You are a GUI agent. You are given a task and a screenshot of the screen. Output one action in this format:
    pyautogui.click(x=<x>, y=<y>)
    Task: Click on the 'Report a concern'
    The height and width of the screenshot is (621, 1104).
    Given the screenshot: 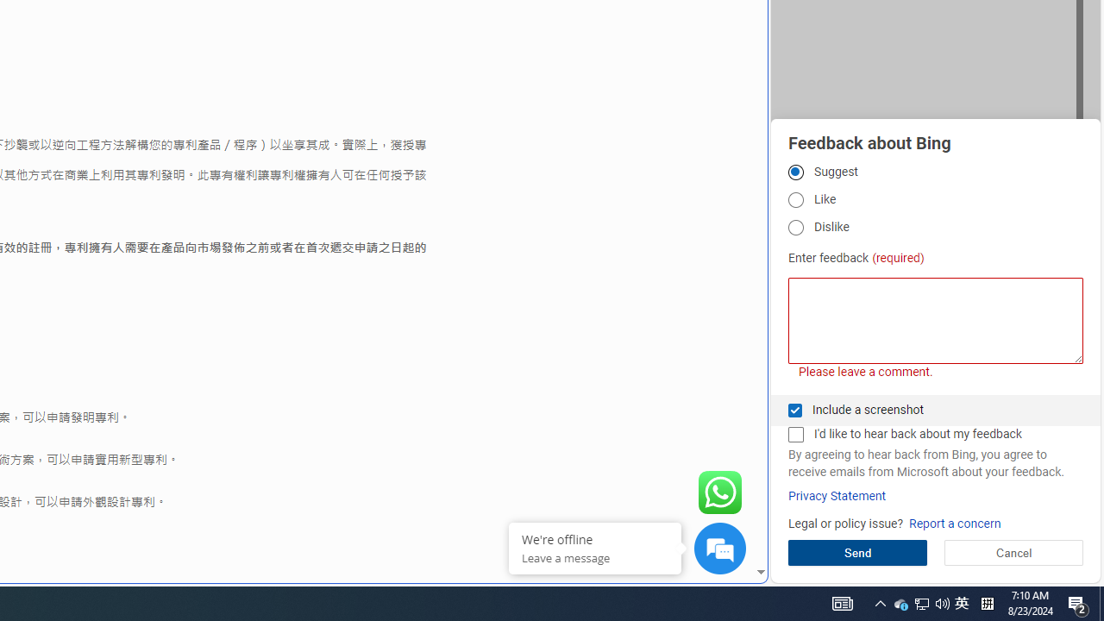 What is the action you would take?
    pyautogui.click(x=954, y=523)
    